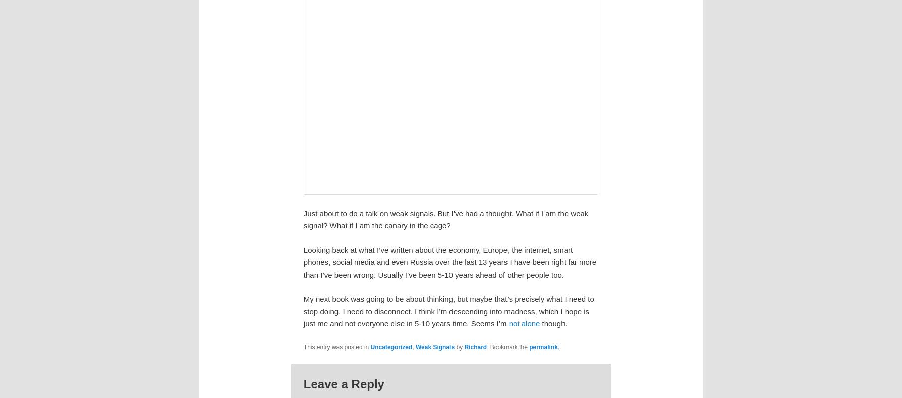 Image resolution: width=902 pixels, height=398 pixels. I want to click on 'though.', so click(542, 323).